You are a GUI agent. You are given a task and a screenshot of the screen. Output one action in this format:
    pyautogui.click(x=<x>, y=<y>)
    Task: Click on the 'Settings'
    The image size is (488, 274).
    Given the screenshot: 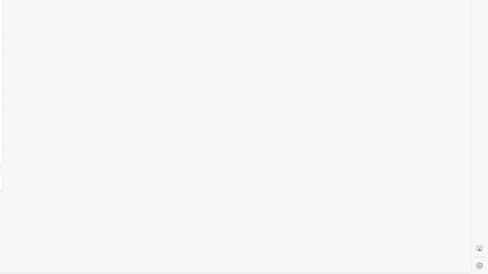 What is the action you would take?
    pyautogui.click(x=479, y=265)
    